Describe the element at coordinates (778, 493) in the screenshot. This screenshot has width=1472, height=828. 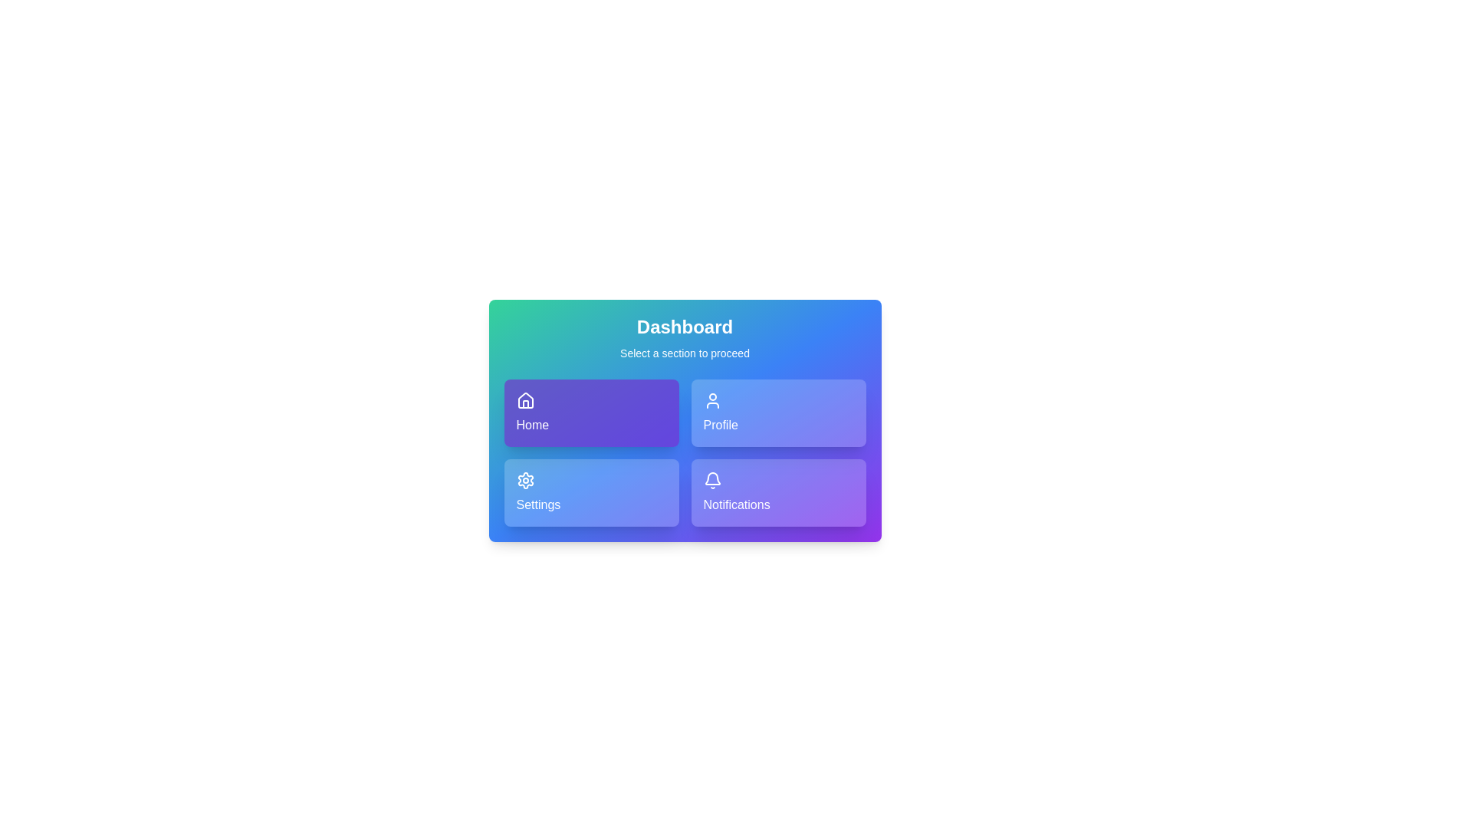
I see `the button corresponding to the section Notifications` at that location.